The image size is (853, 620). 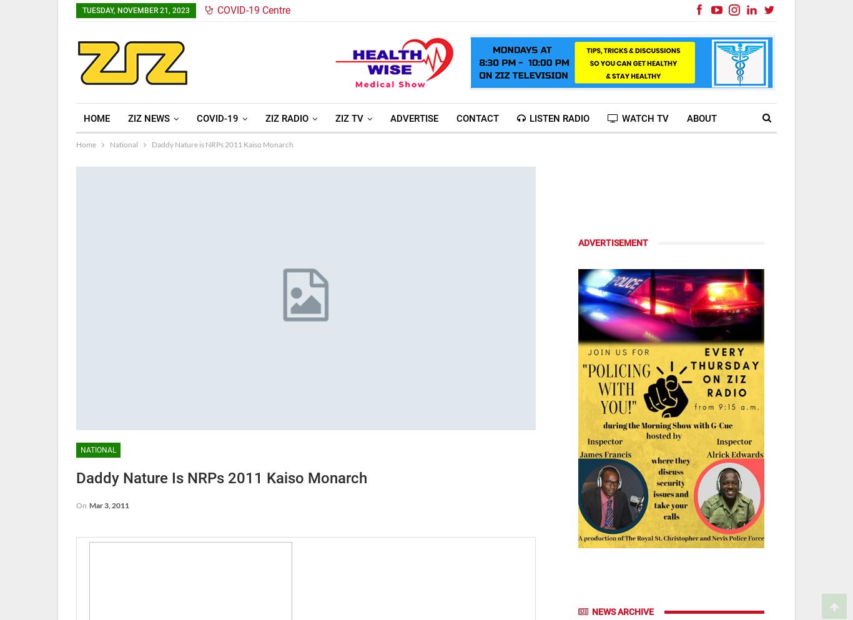 I want to click on 'News Archive', so click(x=621, y=611).